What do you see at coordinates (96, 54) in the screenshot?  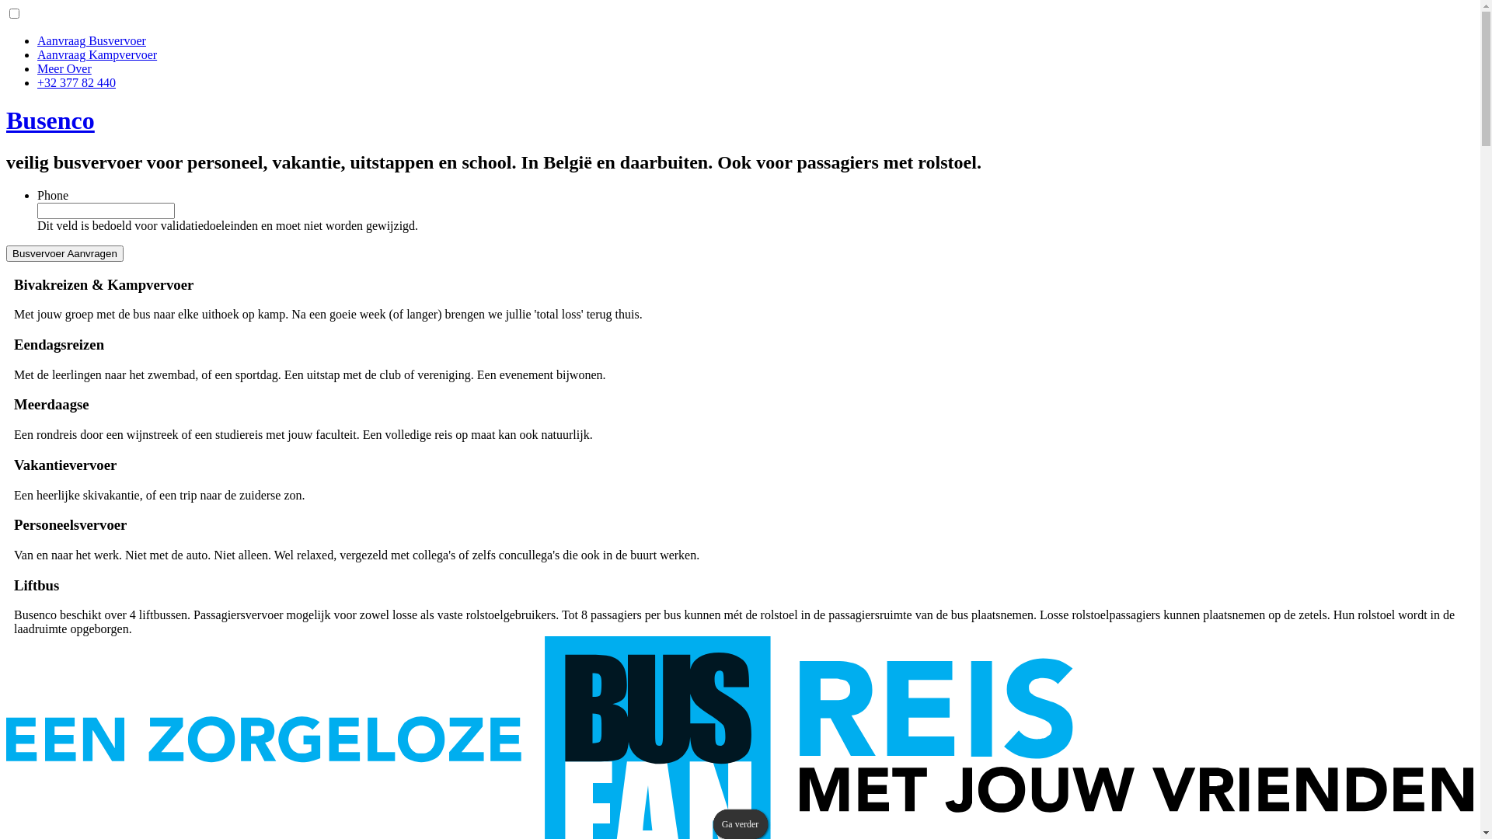 I see `'Aanvraag Kampvervoer'` at bounding box center [96, 54].